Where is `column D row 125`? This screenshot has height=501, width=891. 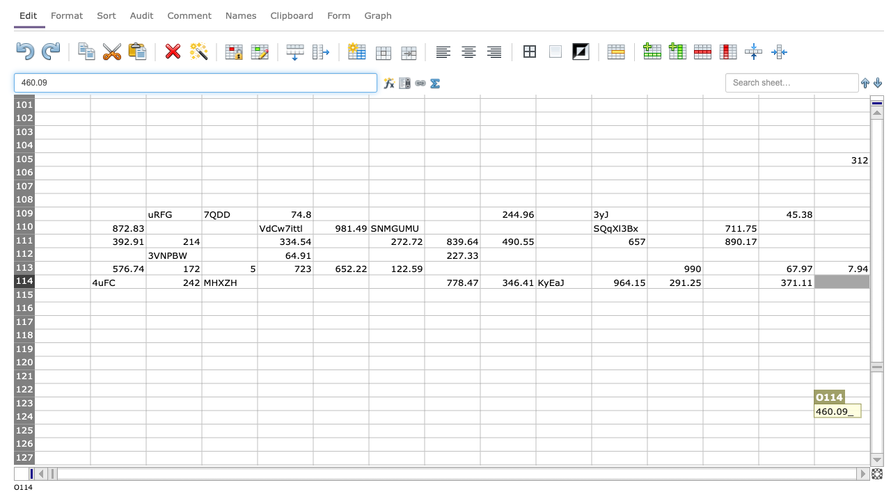 column D row 125 is located at coordinates (229, 430).